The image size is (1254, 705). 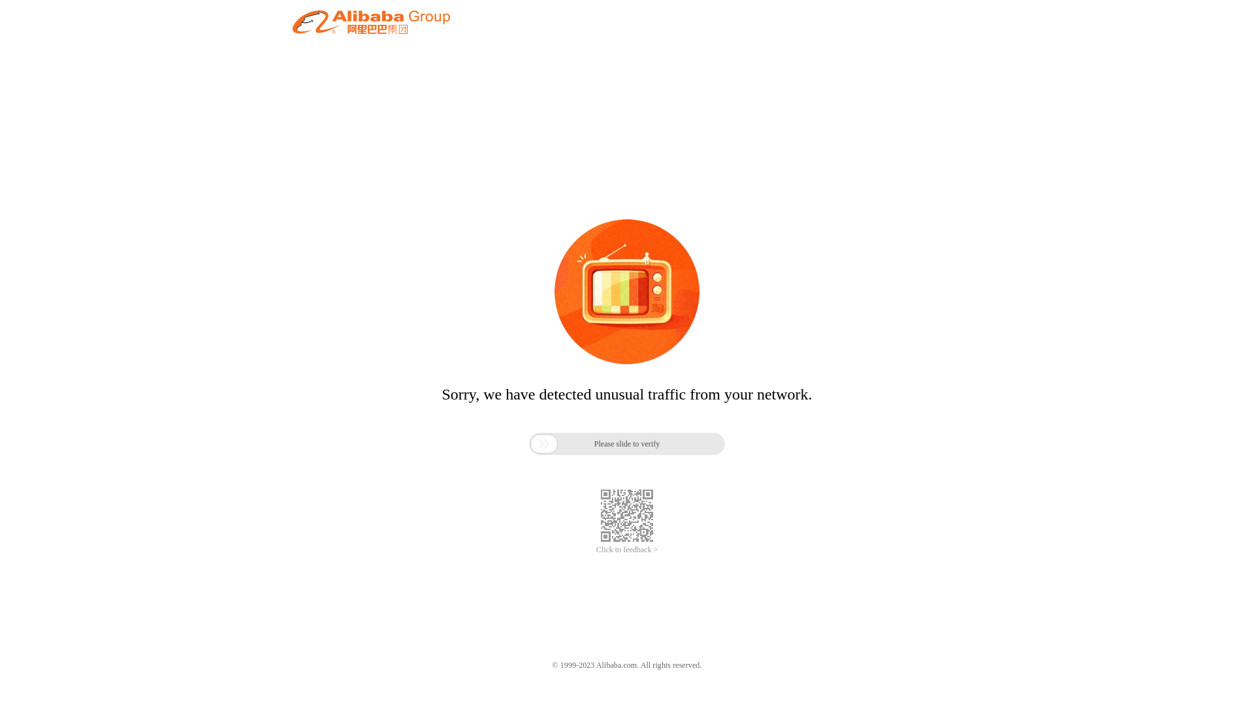 I want to click on 'Click to feedback >', so click(x=595, y=550).